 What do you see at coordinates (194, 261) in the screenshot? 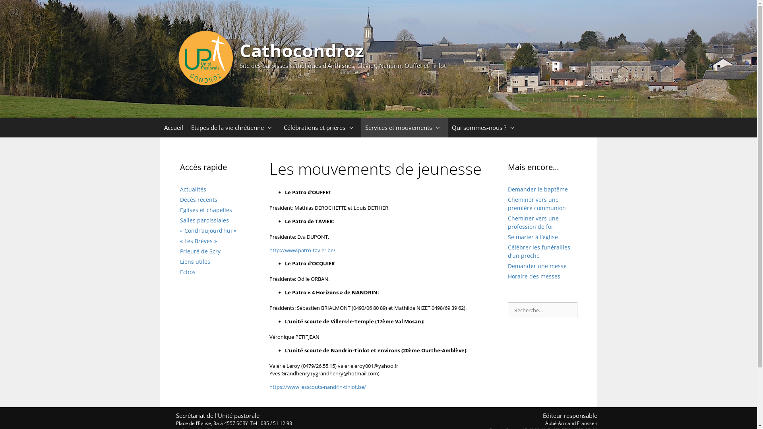
I see `'Liens utiles'` at bounding box center [194, 261].